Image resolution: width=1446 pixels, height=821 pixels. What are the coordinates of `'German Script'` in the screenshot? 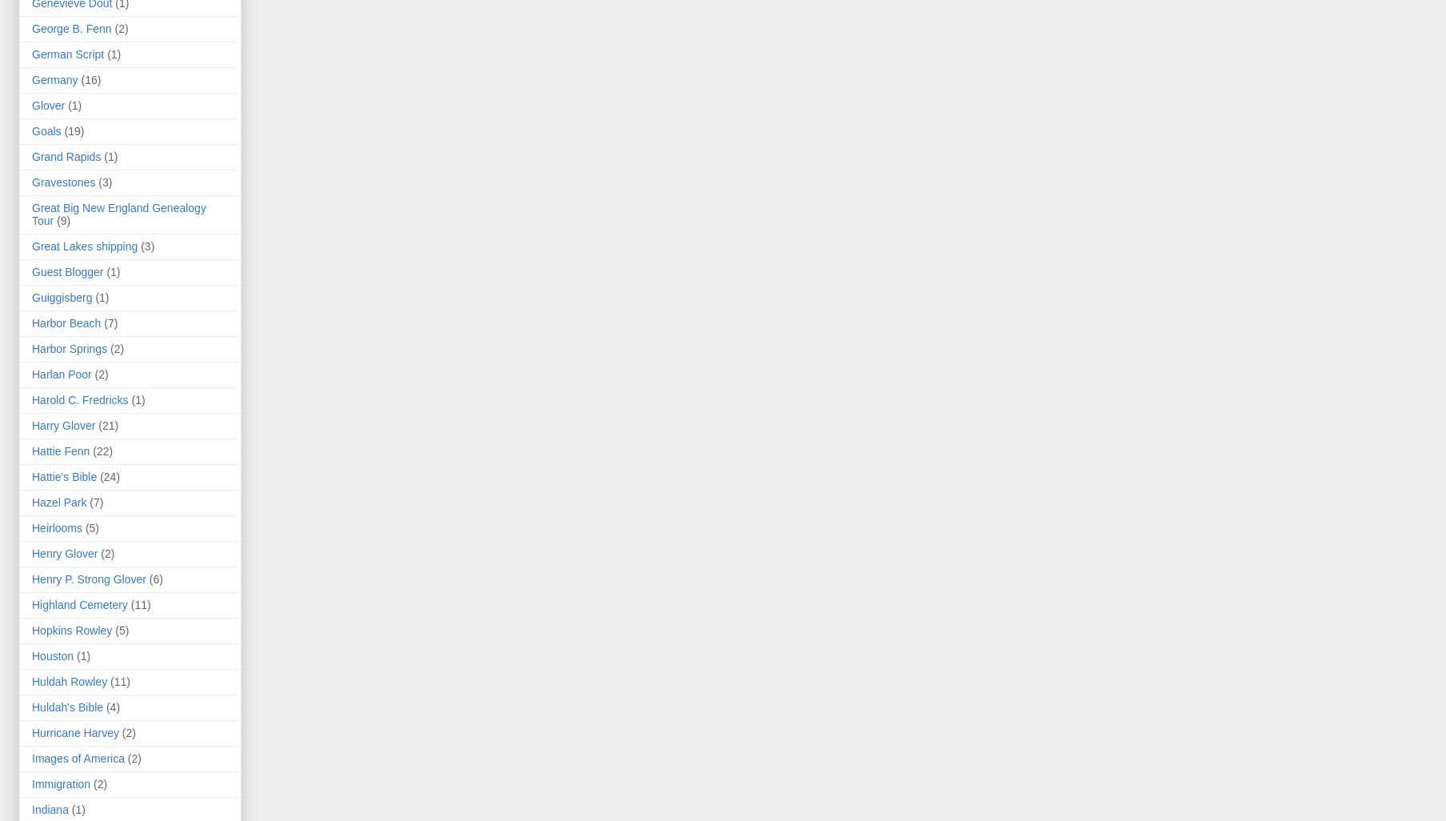 It's located at (31, 54).